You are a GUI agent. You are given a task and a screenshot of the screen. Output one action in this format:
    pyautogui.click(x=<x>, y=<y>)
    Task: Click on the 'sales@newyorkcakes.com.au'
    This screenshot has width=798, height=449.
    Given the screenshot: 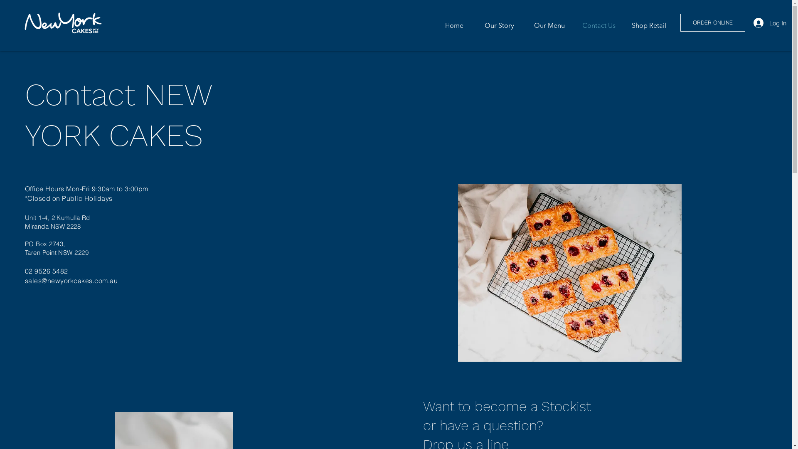 What is the action you would take?
    pyautogui.click(x=71, y=281)
    